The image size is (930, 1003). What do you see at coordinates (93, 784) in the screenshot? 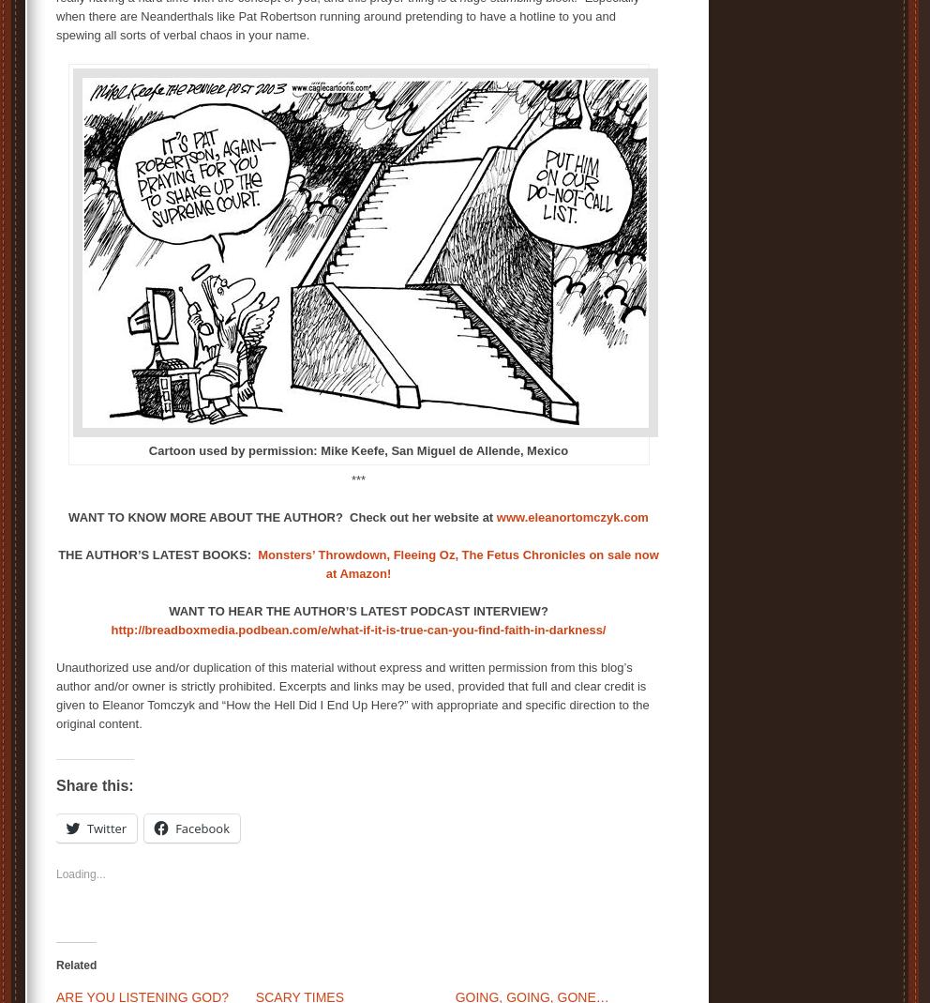
I see `'Share this:'` at bounding box center [93, 784].